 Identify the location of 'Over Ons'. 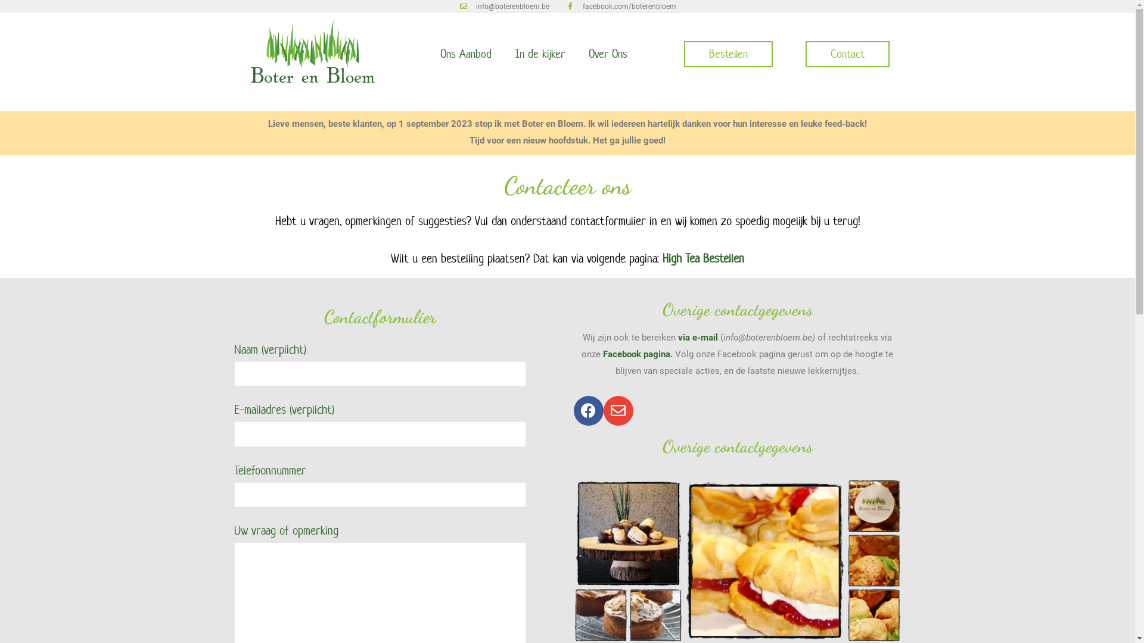
(608, 54).